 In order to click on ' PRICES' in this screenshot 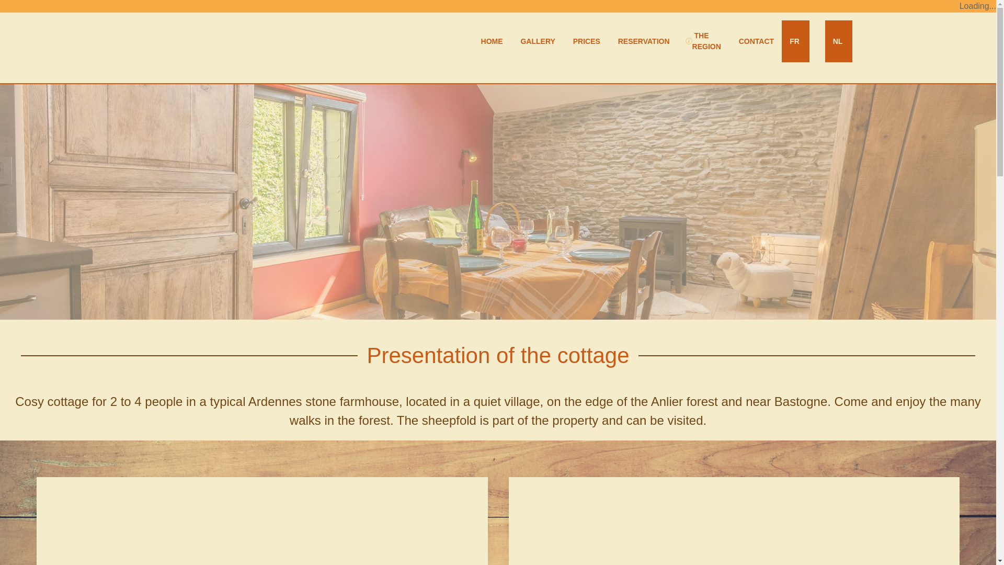, I will do `click(585, 40)`.